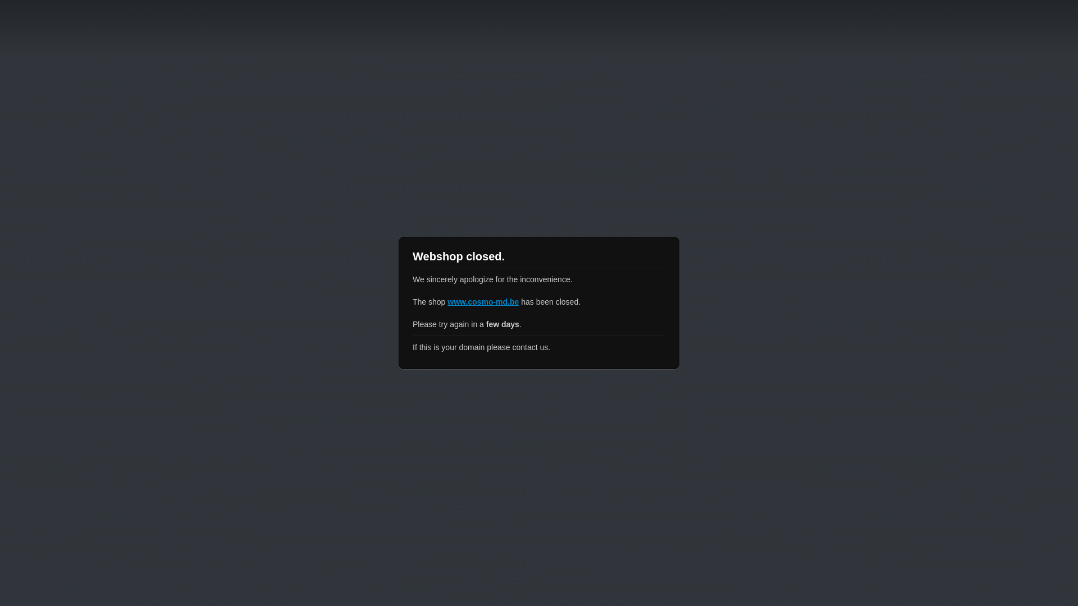 The image size is (1078, 606). I want to click on 'www.cosmo-md.be', so click(483, 301).